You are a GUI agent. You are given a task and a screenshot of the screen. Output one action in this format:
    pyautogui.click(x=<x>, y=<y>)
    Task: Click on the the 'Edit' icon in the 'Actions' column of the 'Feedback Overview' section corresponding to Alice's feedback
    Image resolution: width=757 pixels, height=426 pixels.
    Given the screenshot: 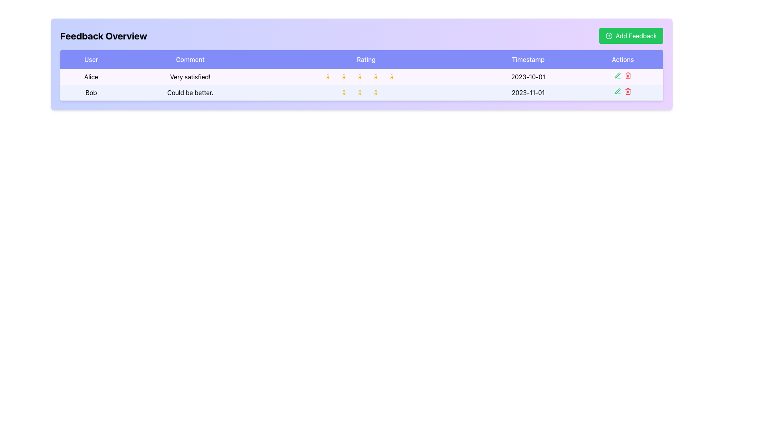 What is the action you would take?
    pyautogui.click(x=617, y=91)
    